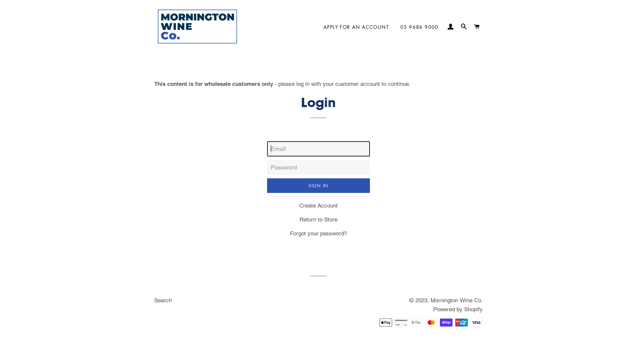 The width and height of the screenshot is (637, 358). I want to click on 'Mornington Wine Co.', so click(456, 300).